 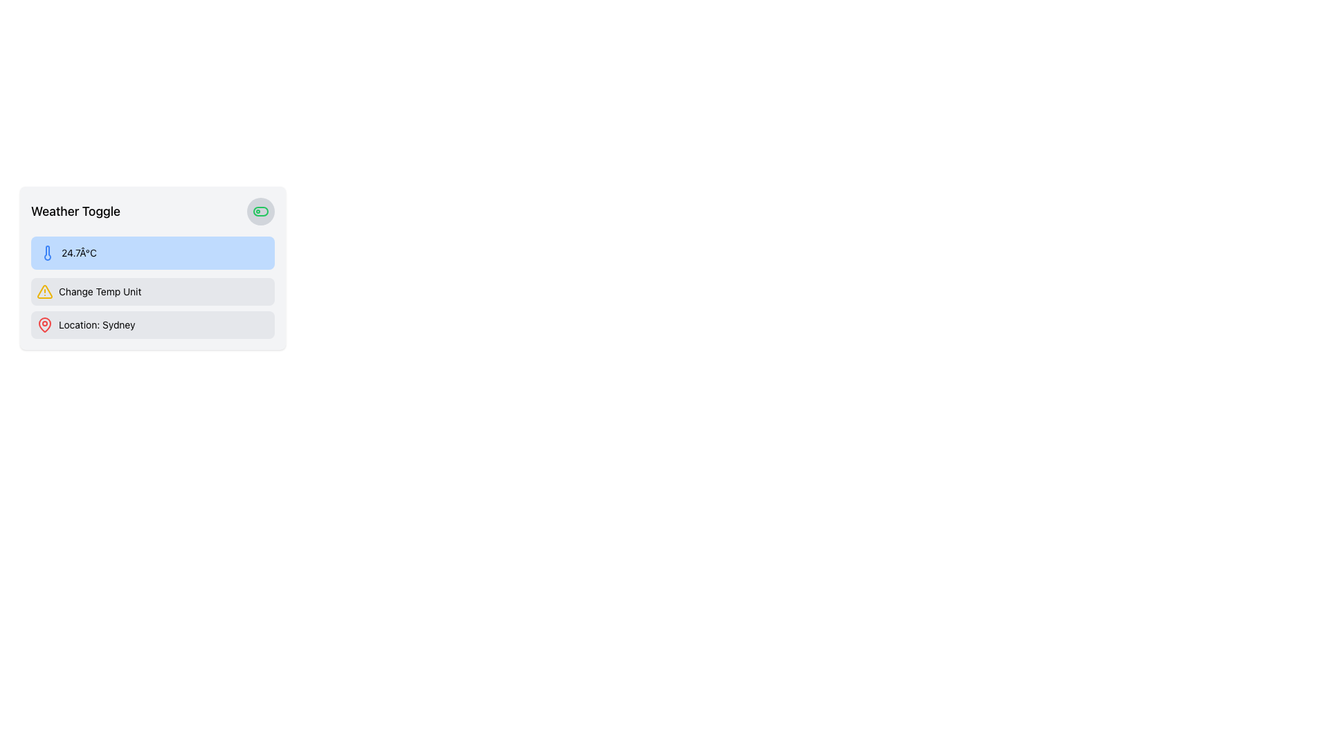 I want to click on the Decorative Icon located inside the light blue box that displays the temperature '24.7°C', positioned to the left of the temperature text, so click(x=47, y=253).